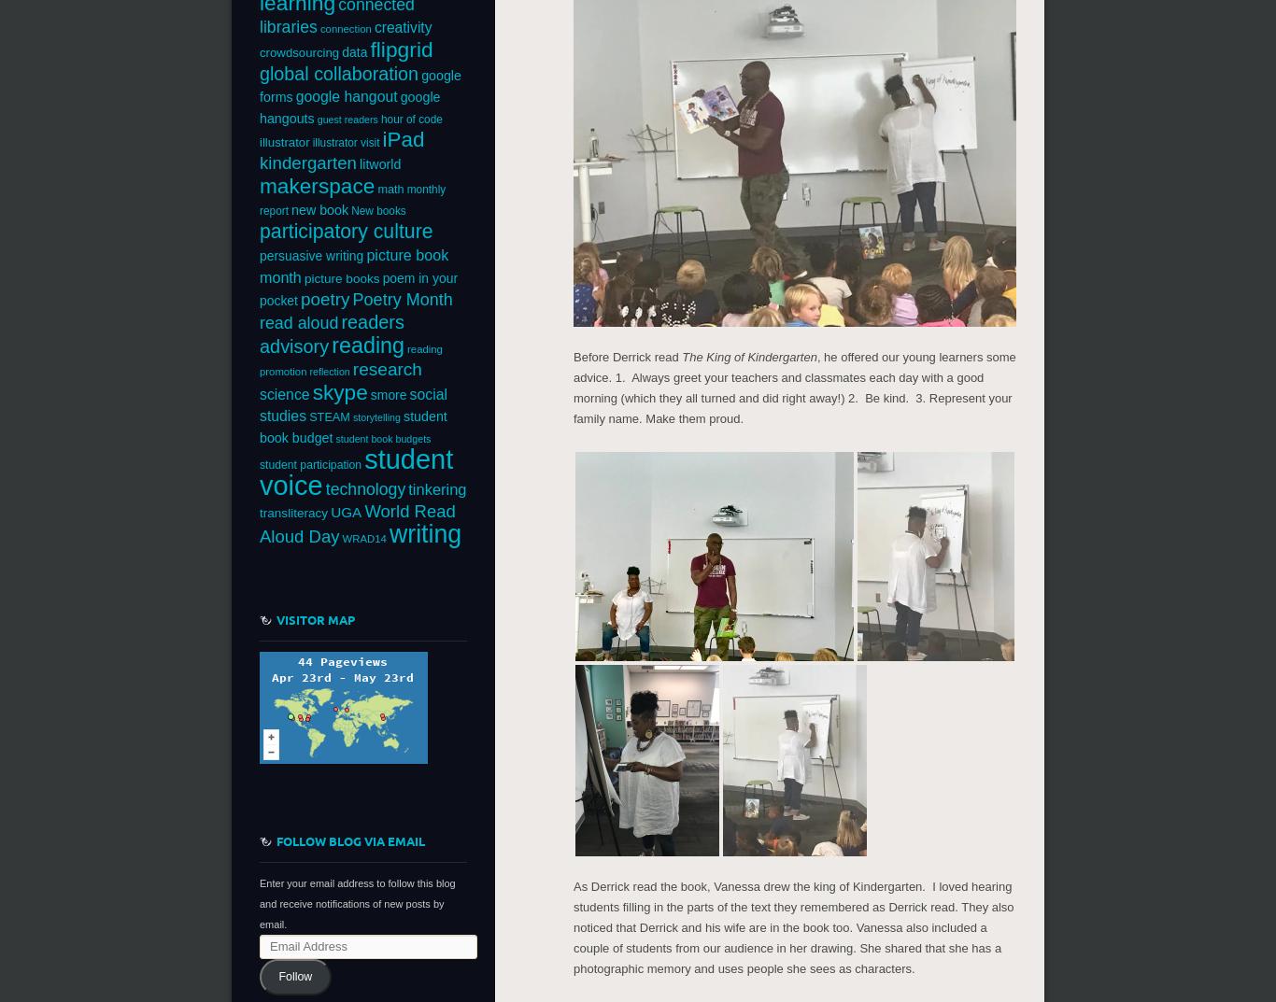 The width and height of the screenshot is (1276, 1002). Describe the element at coordinates (315, 619) in the screenshot. I see `'Visitor Map'` at that location.